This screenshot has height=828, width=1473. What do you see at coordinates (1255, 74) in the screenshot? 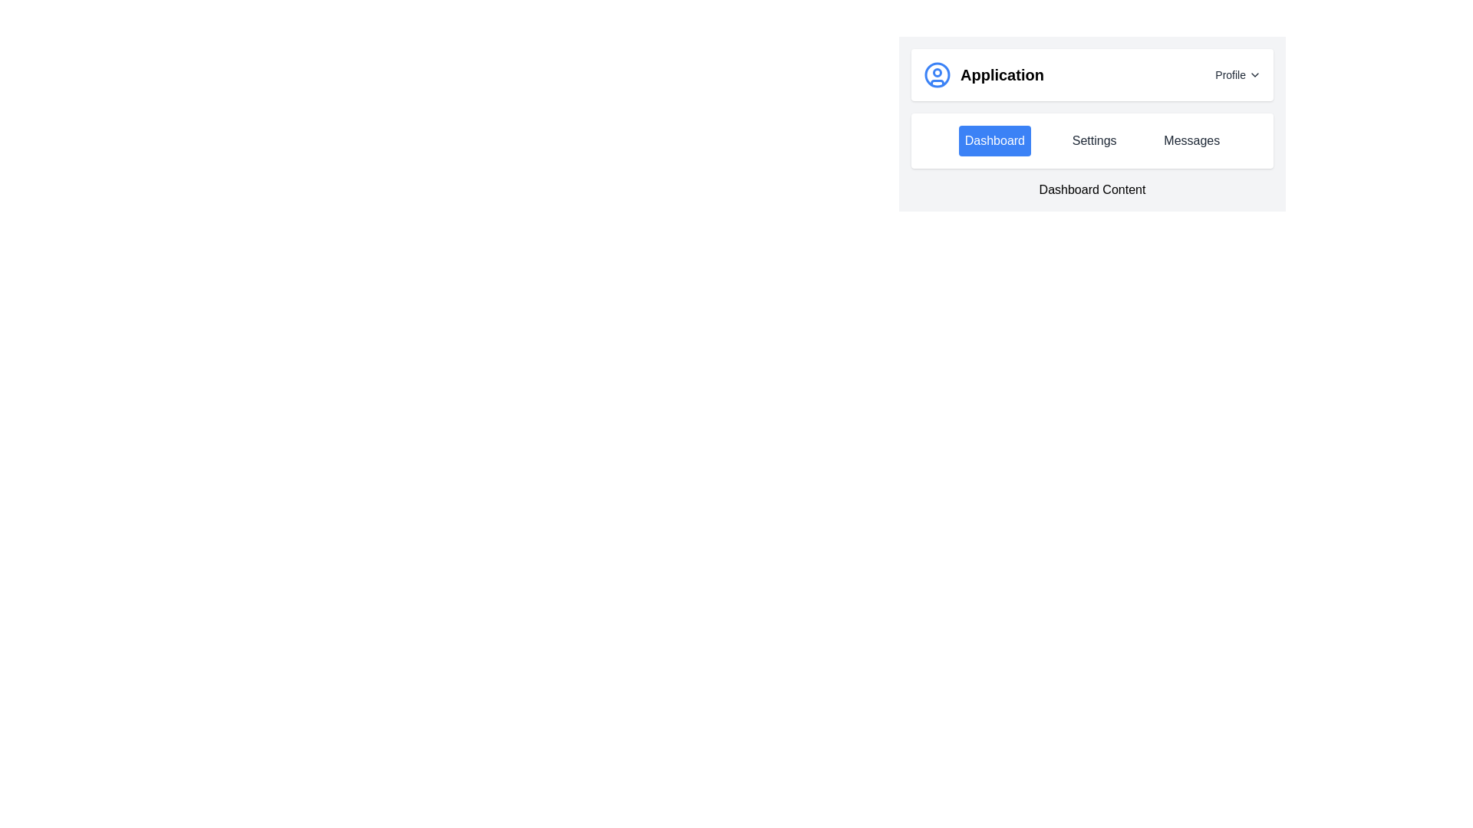
I see `the Dropdown Indicator (SVG Icon) located to the right of the 'Profile' text in the header section` at bounding box center [1255, 74].